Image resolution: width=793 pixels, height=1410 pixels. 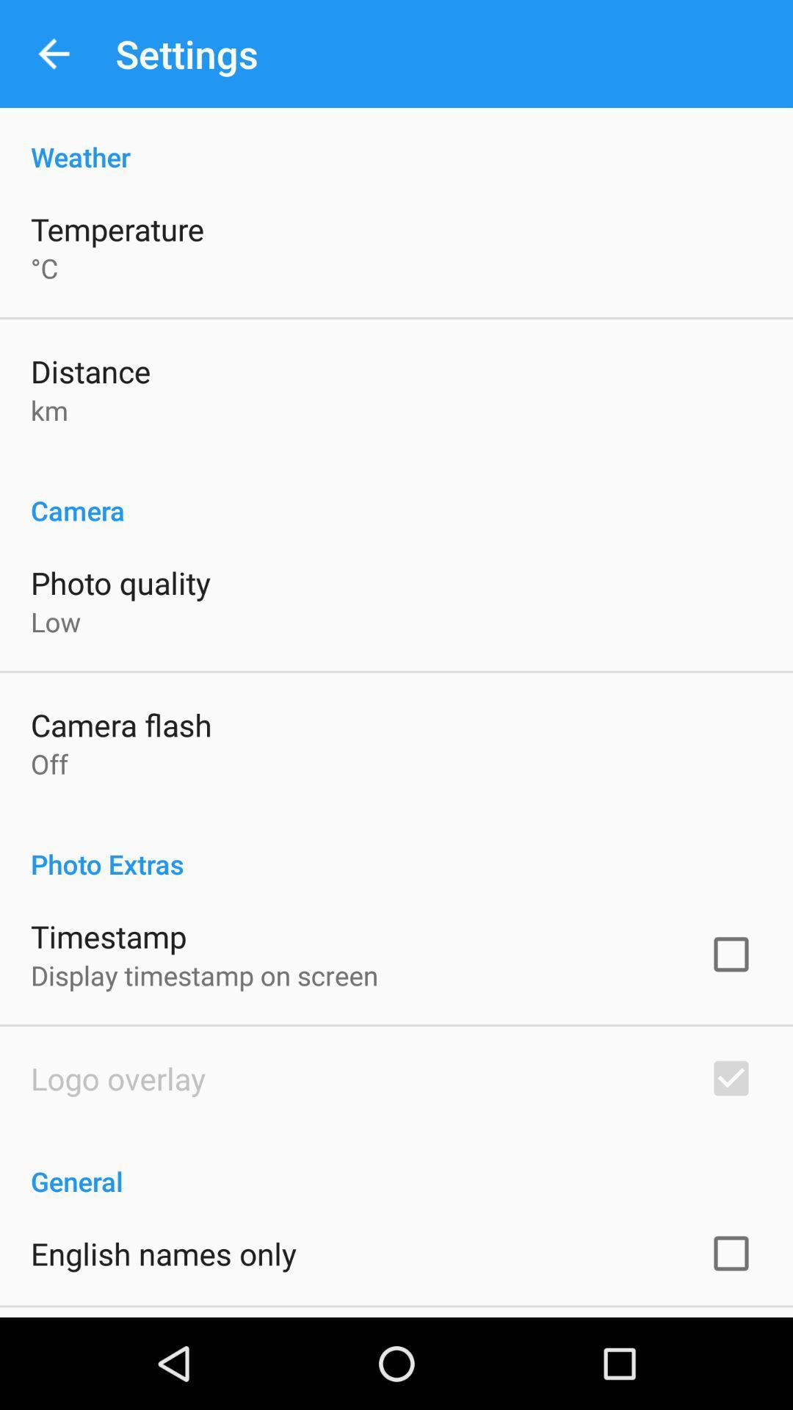 What do you see at coordinates (55, 621) in the screenshot?
I see `the icon above the camera flash` at bounding box center [55, 621].